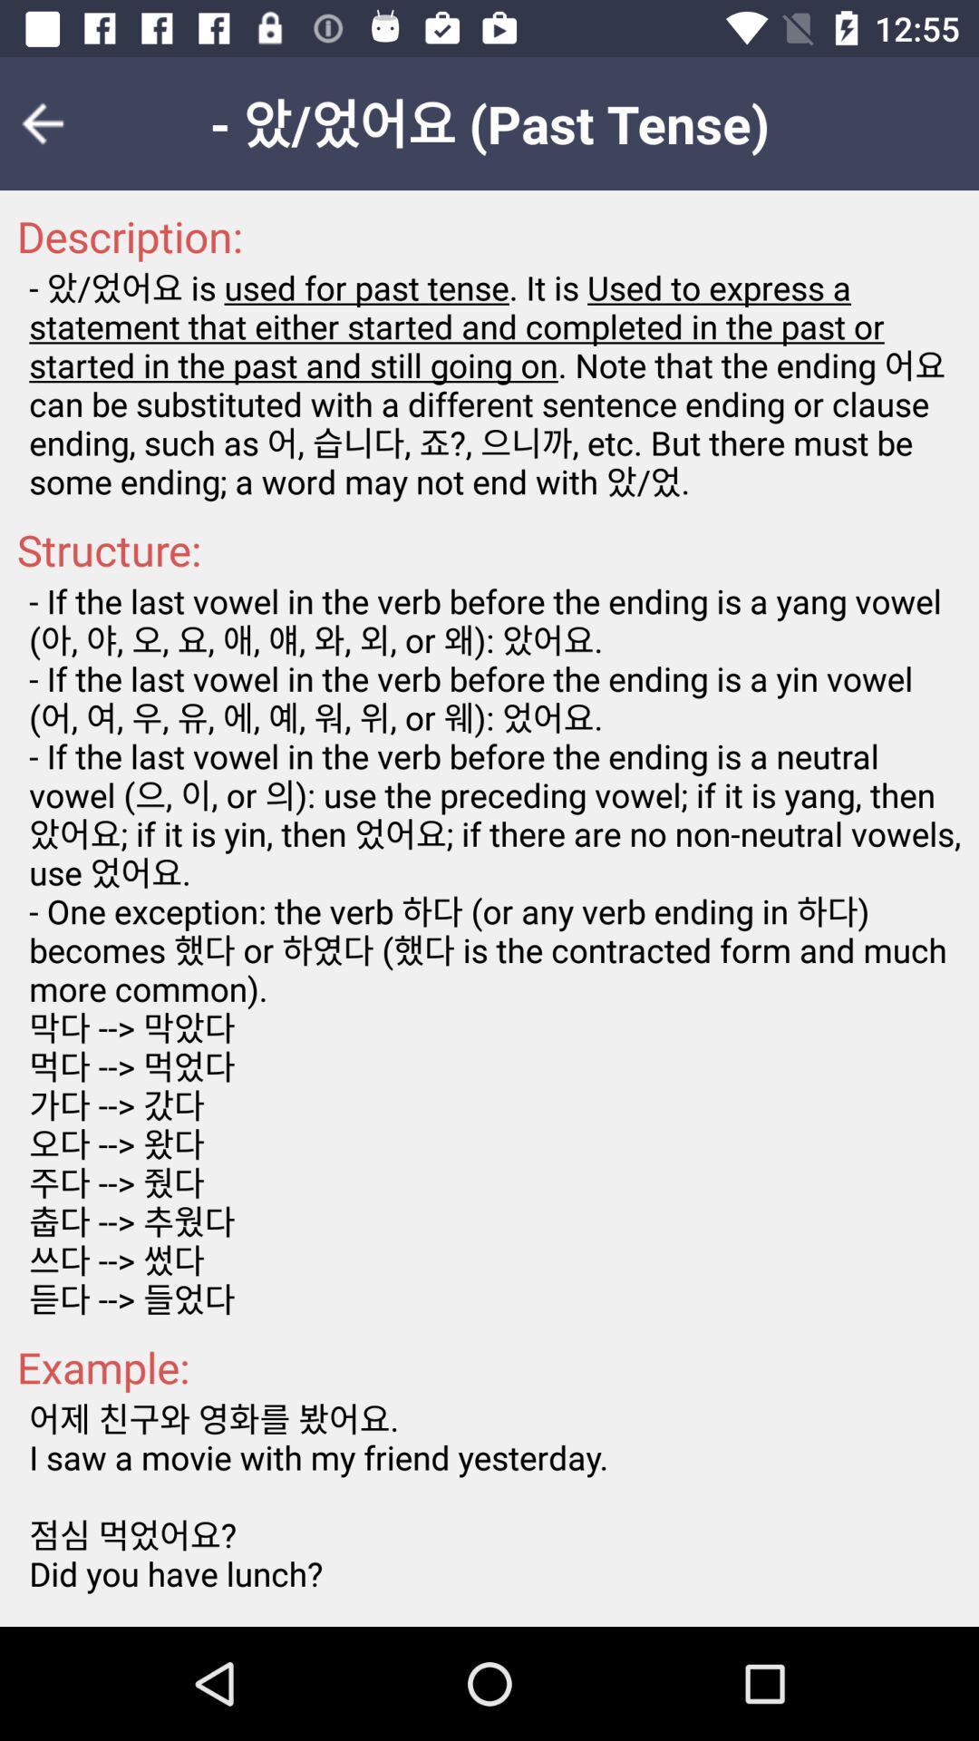 This screenshot has height=1741, width=979. What do you see at coordinates (53, 122) in the screenshot?
I see `the arrow_backward icon` at bounding box center [53, 122].